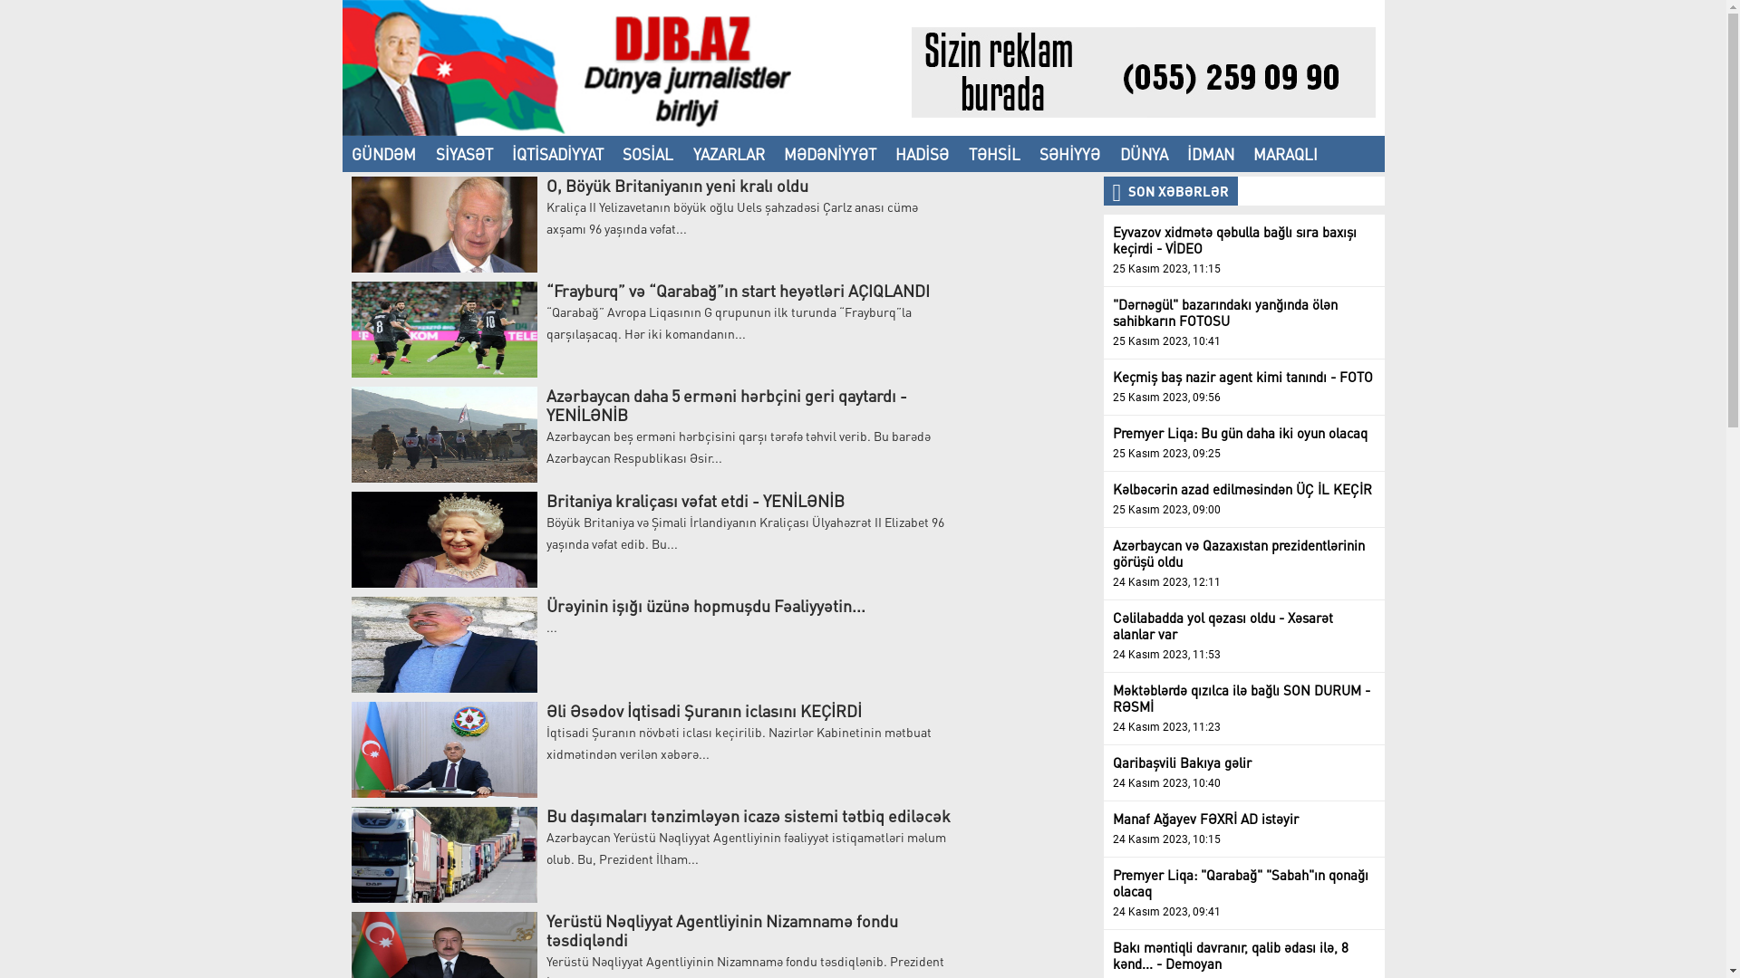  What do you see at coordinates (728, 152) in the screenshot?
I see `'YAZARLAR'` at bounding box center [728, 152].